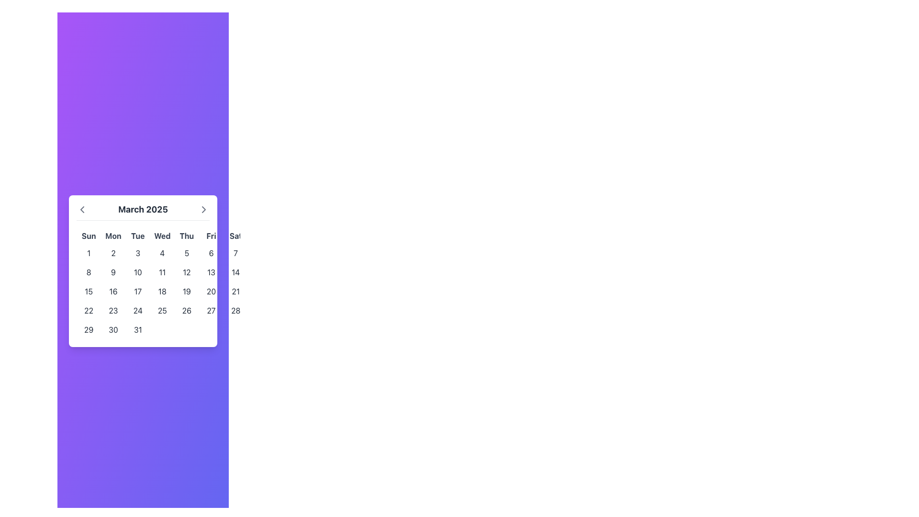 The width and height of the screenshot is (919, 517). Describe the element at coordinates (162, 283) in the screenshot. I see `a specific date in the calendar table for March 2025` at that location.